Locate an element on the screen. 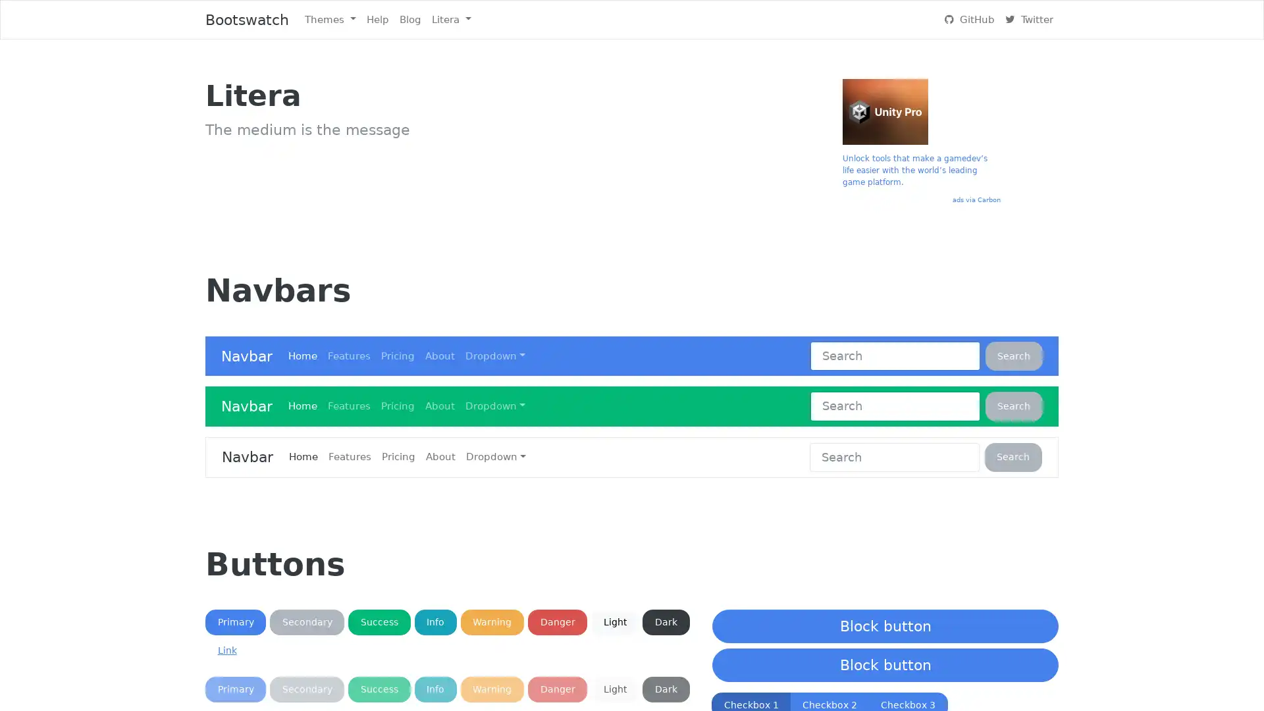 This screenshot has height=711, width=1264. Secondary is located at coordinates (306, 622).